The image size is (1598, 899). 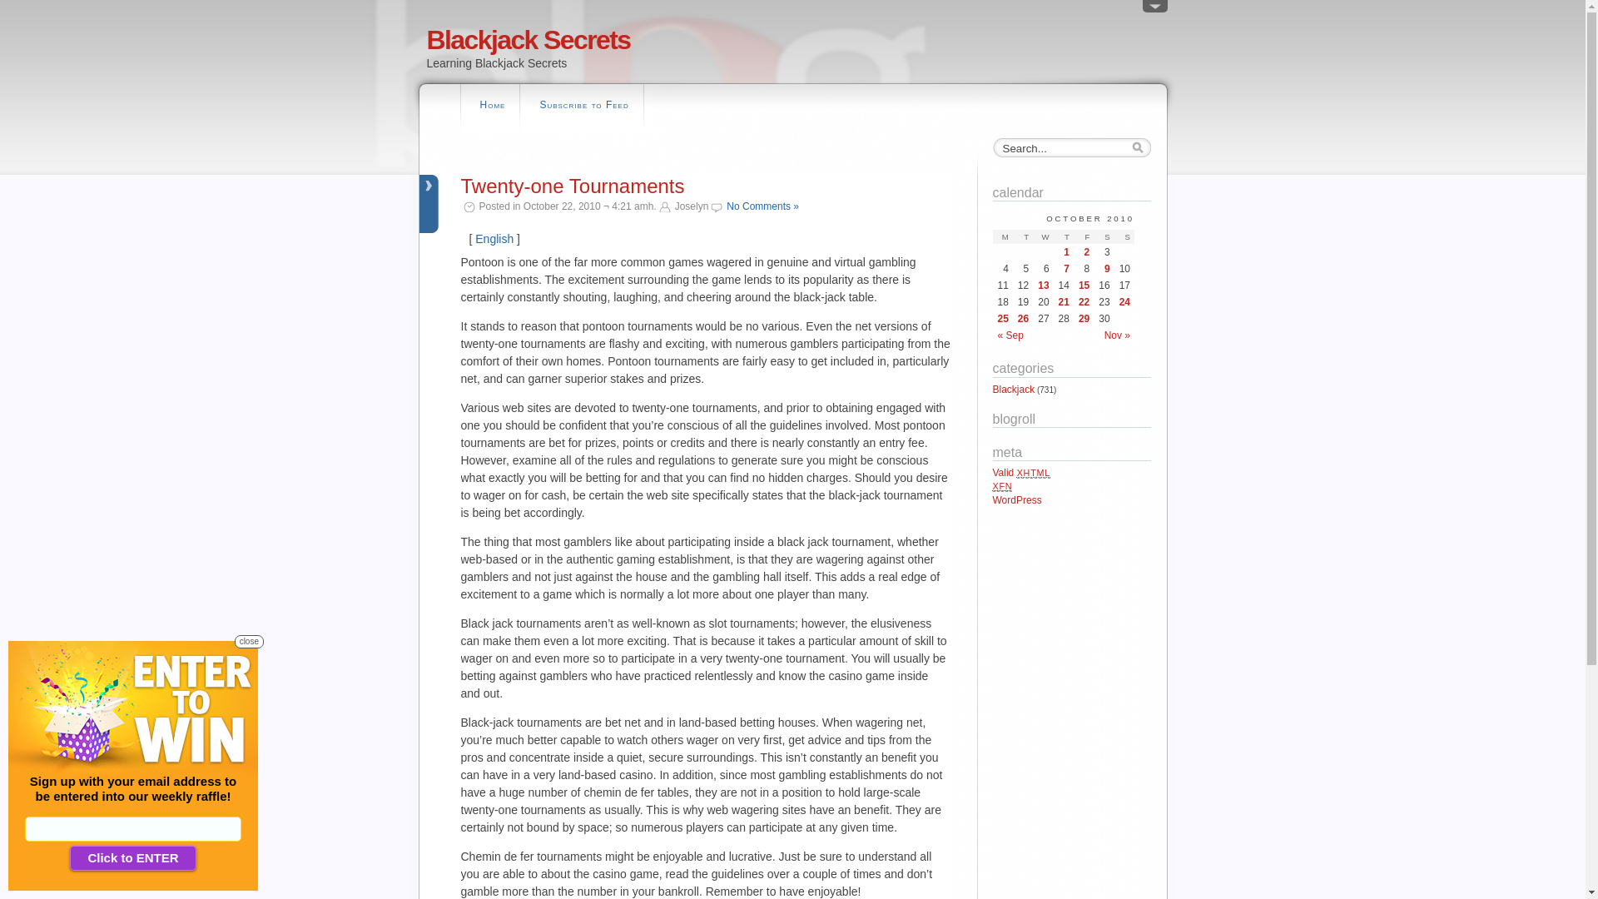 What do you see at coordinates (991, 389) in the screenshot?
I see `'Blackjack'` at bounding box center [991, 389].